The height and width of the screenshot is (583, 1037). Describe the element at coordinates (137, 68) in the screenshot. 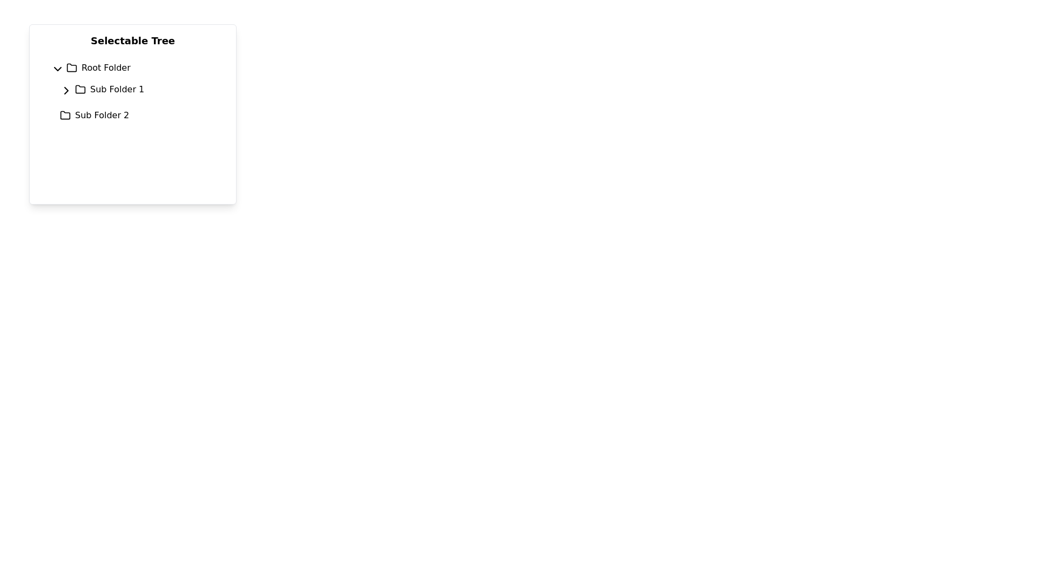

I see `the root node of the tree structure` at that location.